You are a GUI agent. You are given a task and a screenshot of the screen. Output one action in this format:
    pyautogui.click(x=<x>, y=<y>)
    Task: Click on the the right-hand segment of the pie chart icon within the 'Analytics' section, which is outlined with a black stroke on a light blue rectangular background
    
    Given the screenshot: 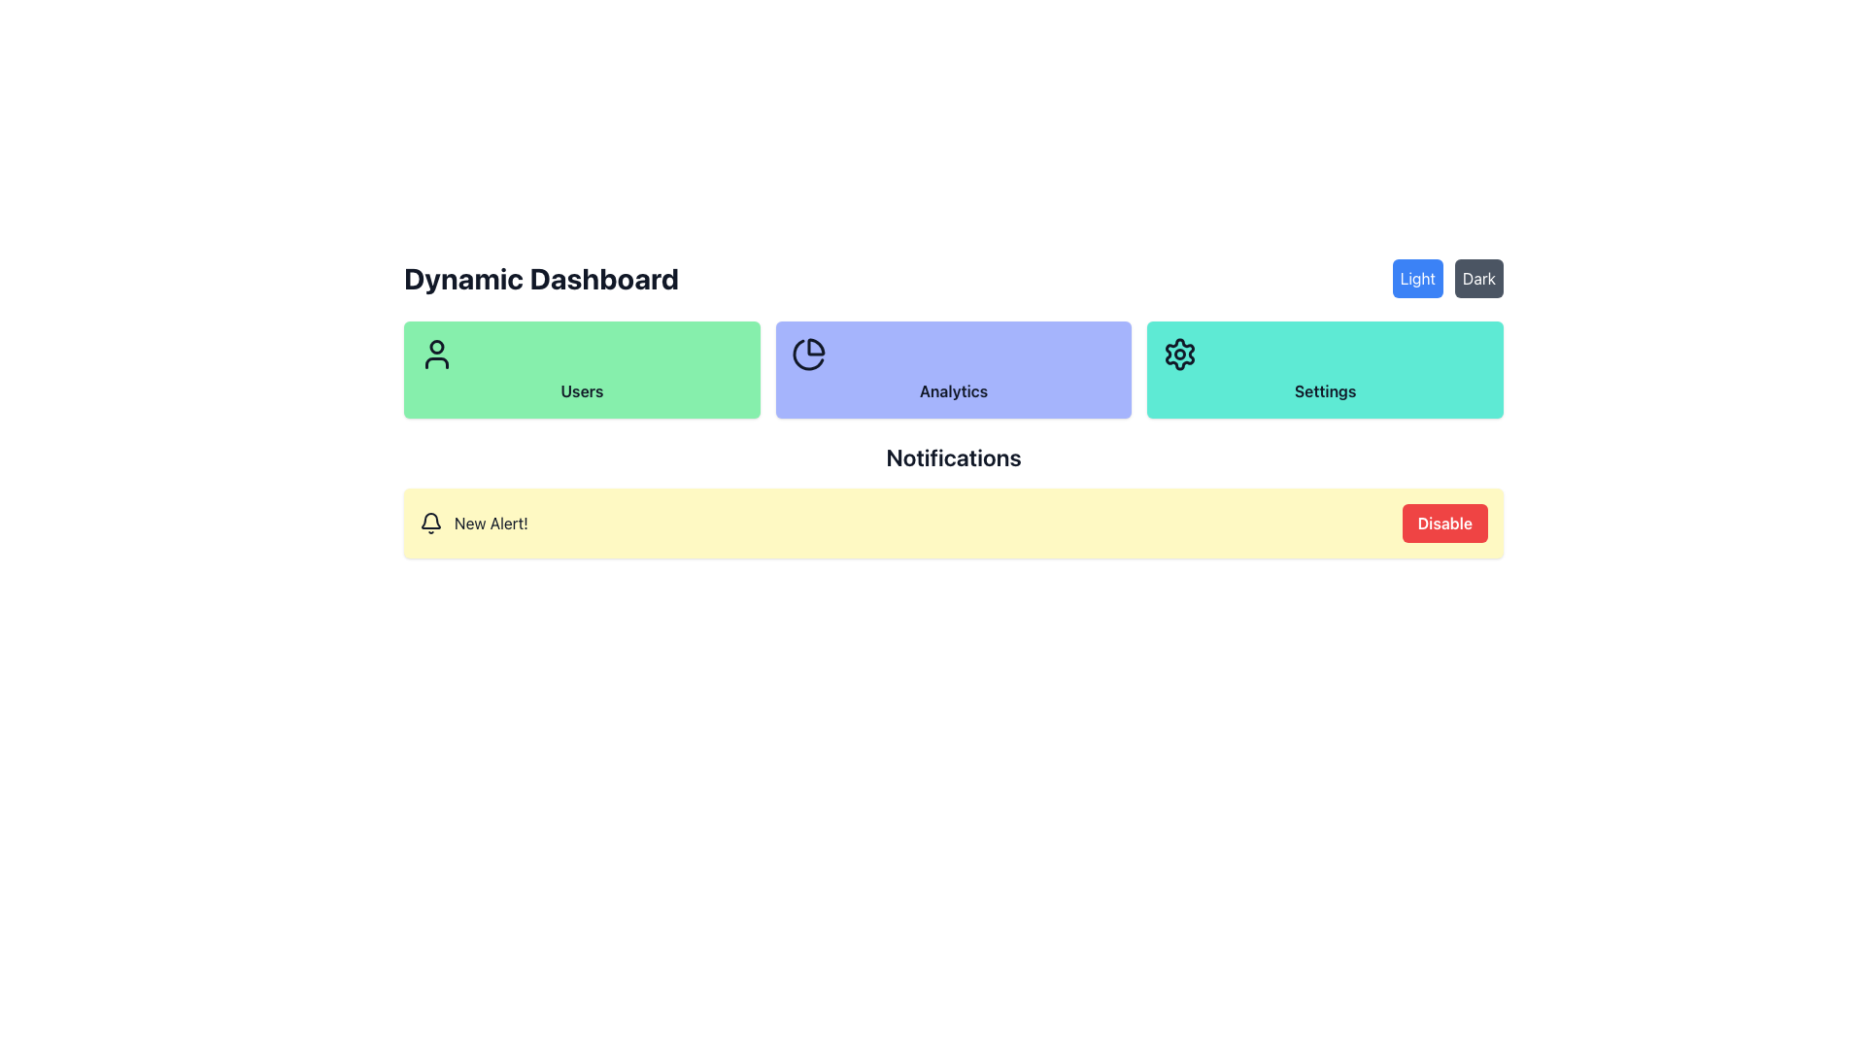 What is the action you would take?
    pyautogui.click(x=808, y=355)
    